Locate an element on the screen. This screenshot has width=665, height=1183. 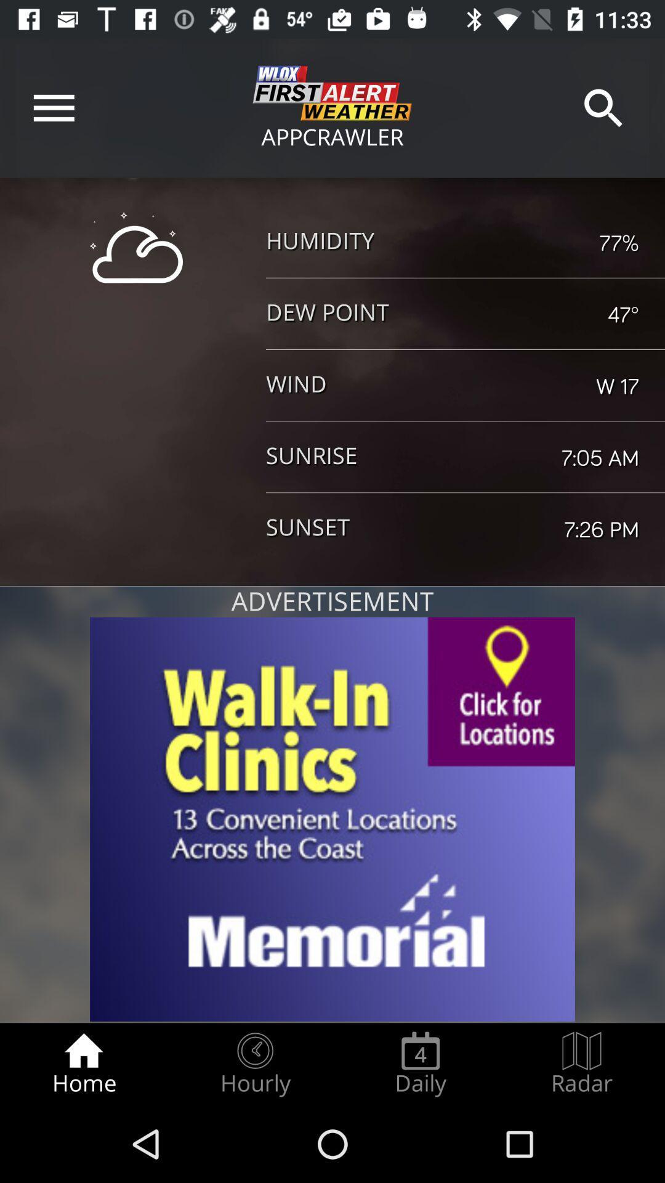
radio button to the left of the radar radio button is located at coordinates (420, 1063).